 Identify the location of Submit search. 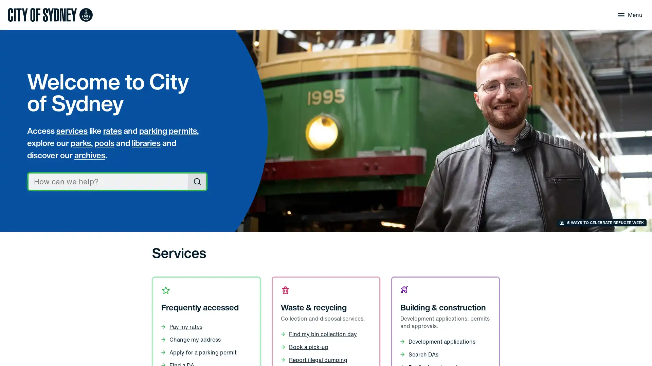
(197, 181).